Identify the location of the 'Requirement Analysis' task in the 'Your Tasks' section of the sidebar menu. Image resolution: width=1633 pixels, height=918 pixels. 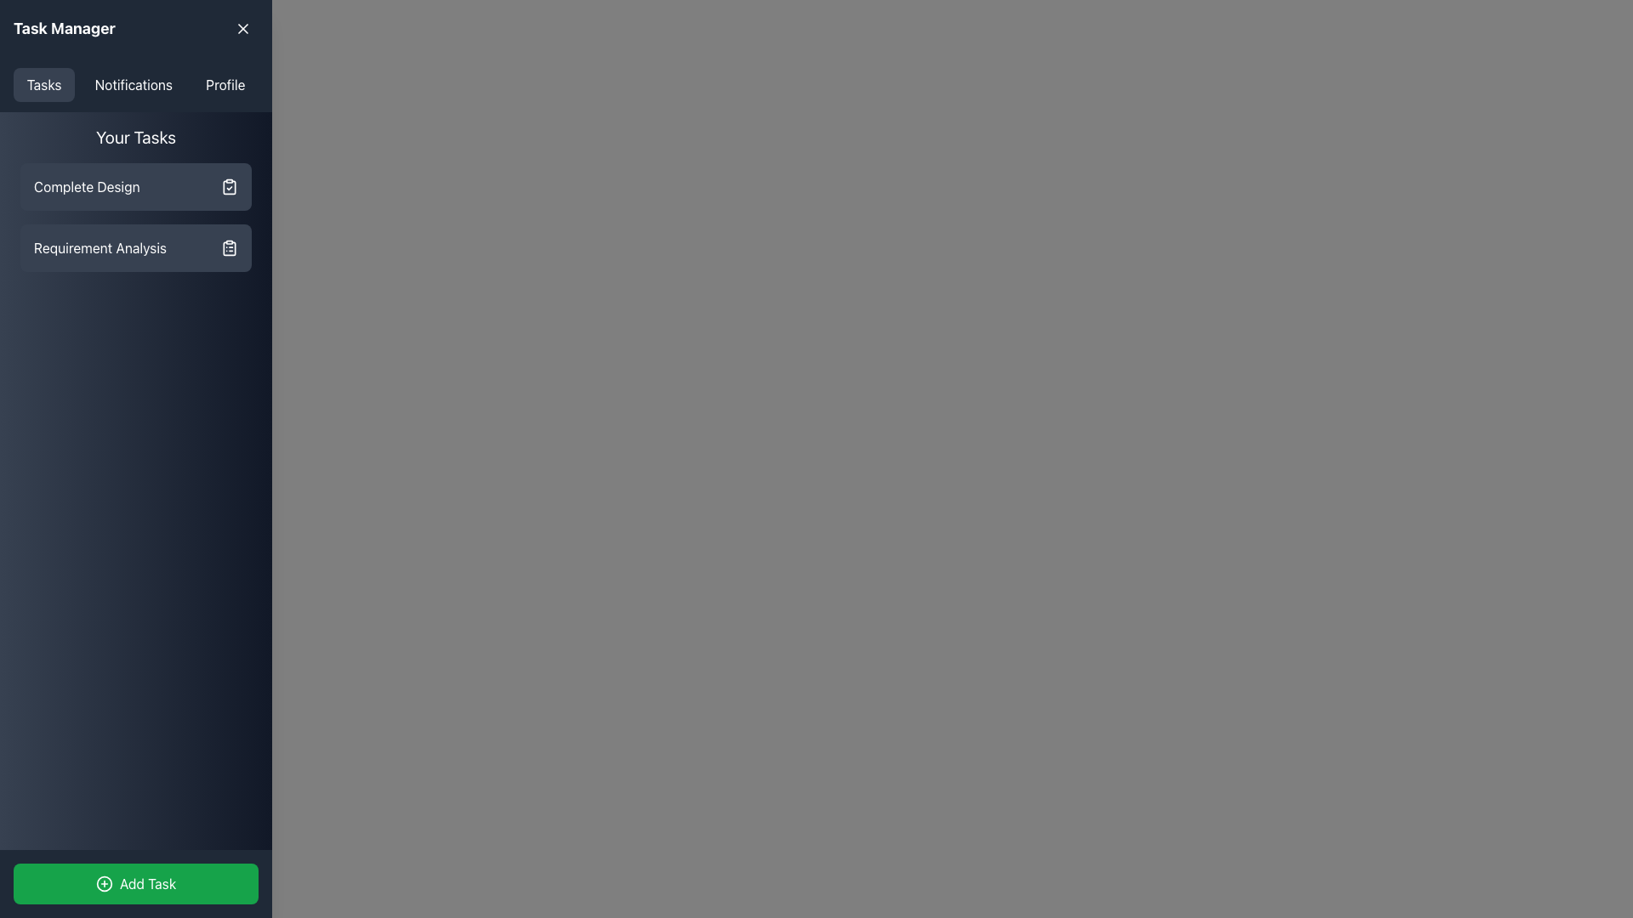
(134, 248).